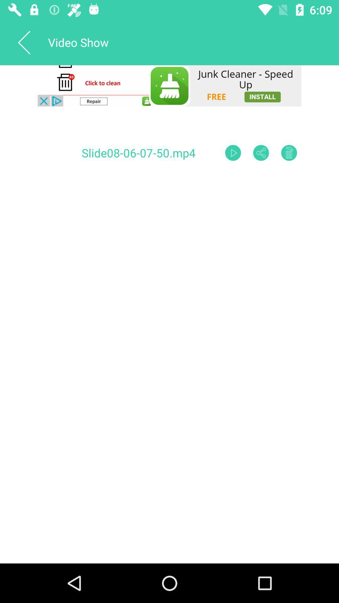 Image resolution: width=339 pixels, height=603 pixels. What do you see at coordinates (261, 153) in the screenshot?
I see `share the slide` at bounding box center [261, 153].